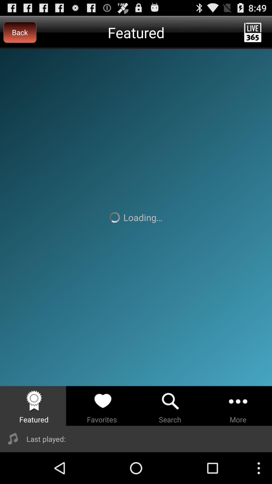 Image resolution: width=272 pixels, height=484 pixels. Describe the element at coordinates (20, 32) in the screenshot. I see `back at the top left corner` at that location.